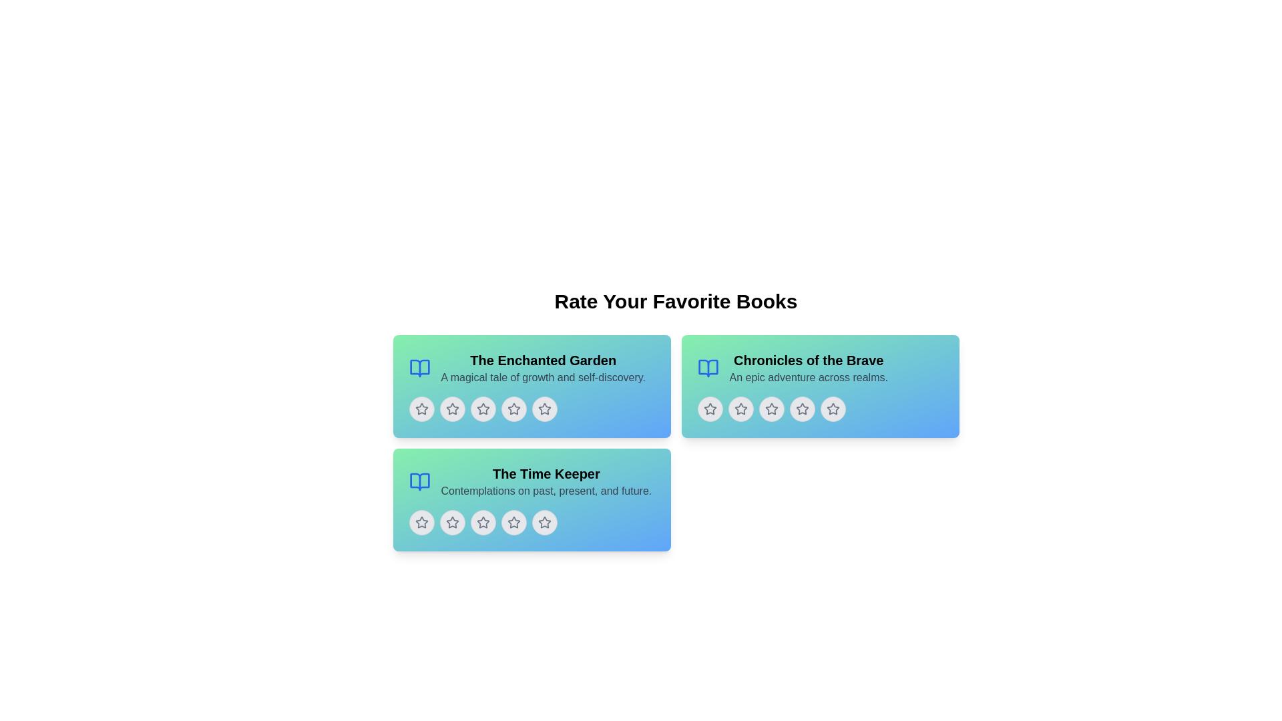 The image size is (1282, 721). What do you see at coordinates (482, 409) in the screenshot?
I see `the third circular button with a star icon located below the title 'The Enchanted Garden'` at bounding box center [482, 409].